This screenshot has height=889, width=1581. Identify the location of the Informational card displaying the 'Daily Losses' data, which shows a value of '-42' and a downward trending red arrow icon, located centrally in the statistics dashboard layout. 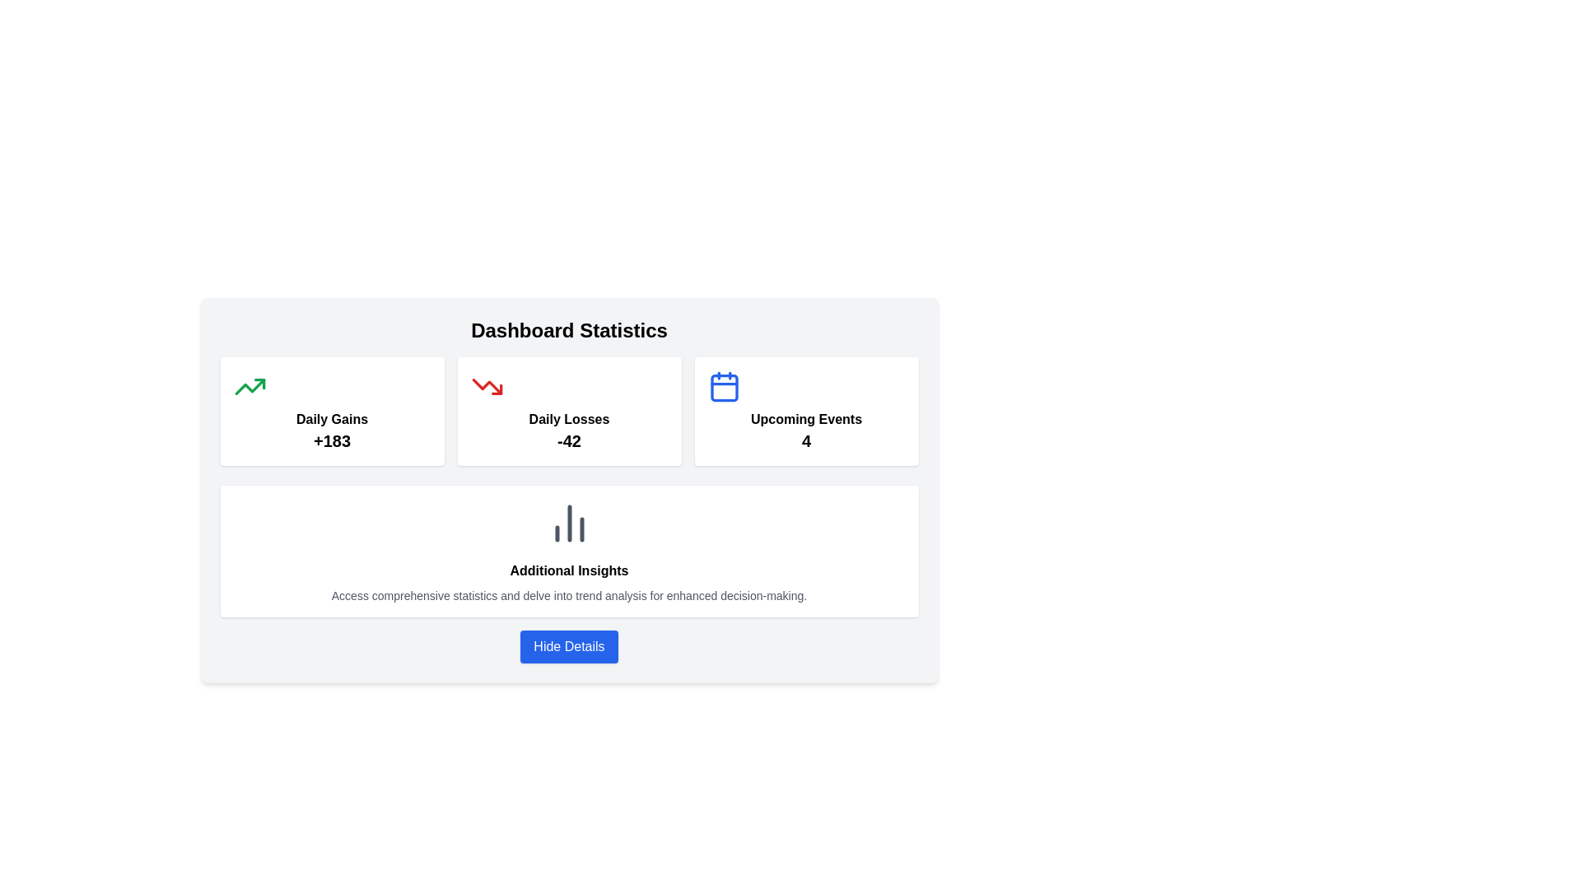
(569, 411).